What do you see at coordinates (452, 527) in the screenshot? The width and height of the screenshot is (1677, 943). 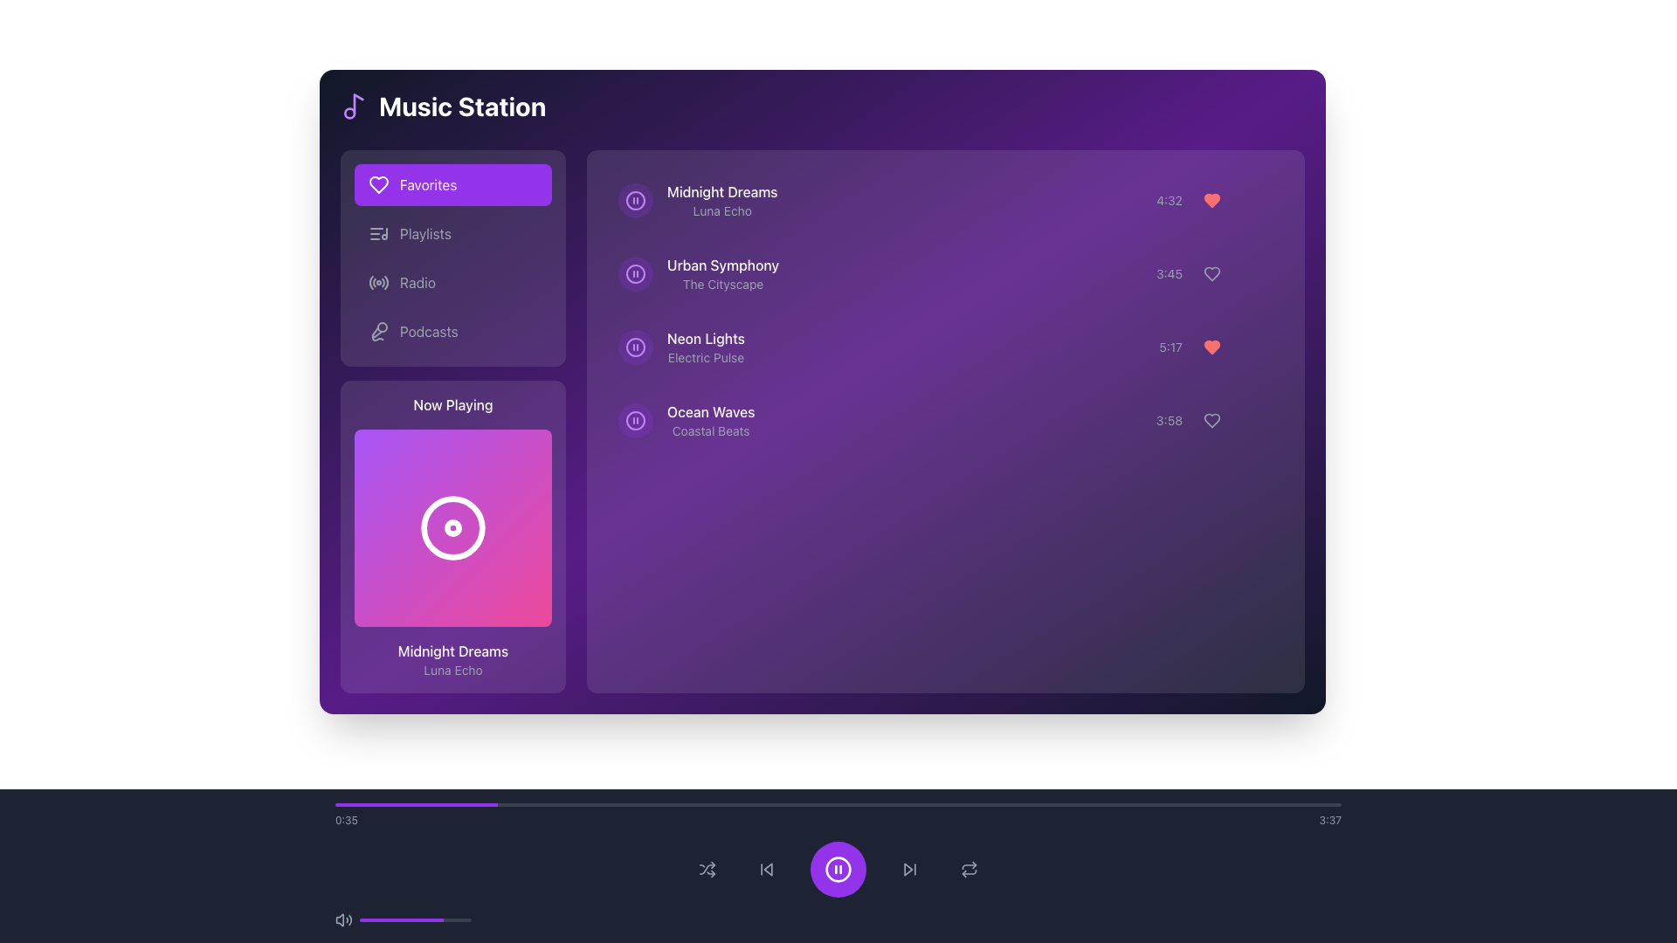 I see `the Circular SVG graphic element located in the 'Now Playing' section, which features a white stroke and a vibrant pink and purple gradient background, resembling a disc or vinyl record` at bounding box center [452, 527].